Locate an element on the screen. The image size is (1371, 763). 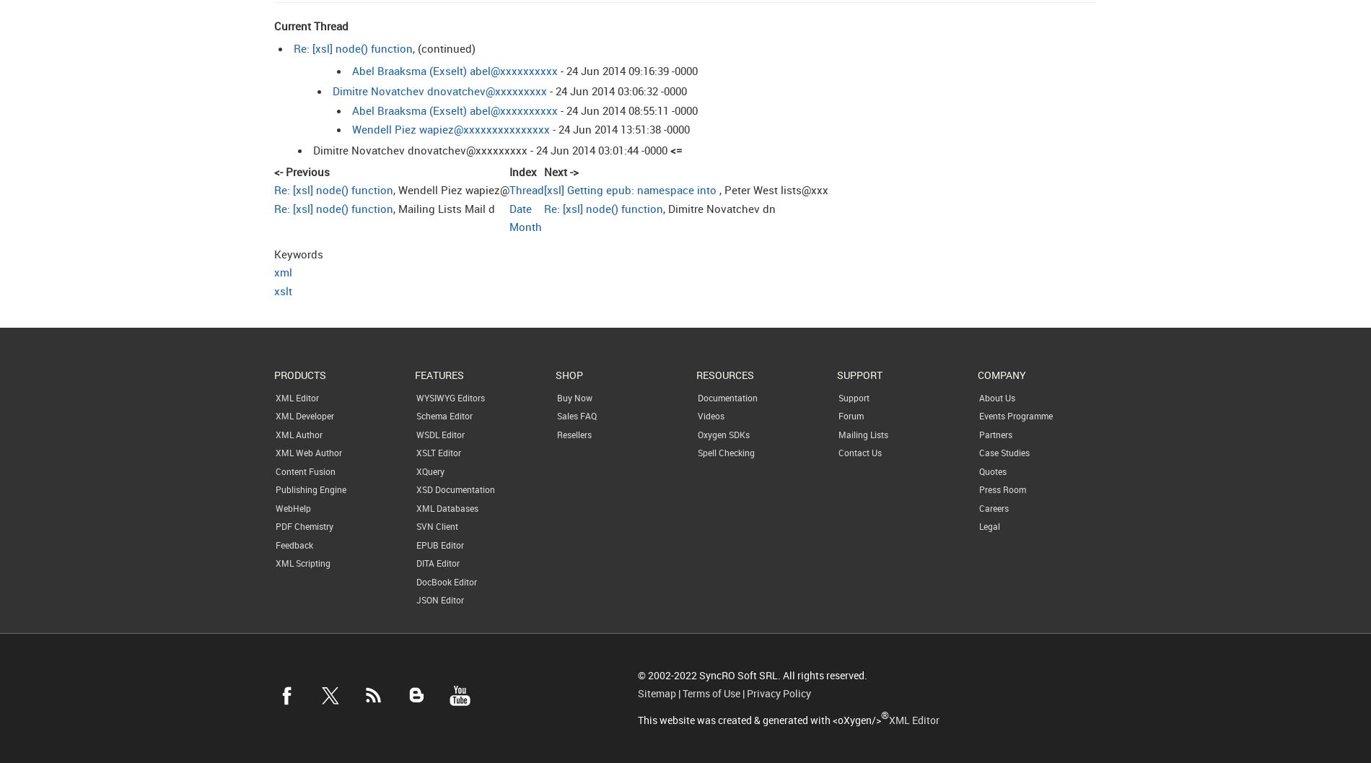
'Date' is located at coordinates (520, 207).